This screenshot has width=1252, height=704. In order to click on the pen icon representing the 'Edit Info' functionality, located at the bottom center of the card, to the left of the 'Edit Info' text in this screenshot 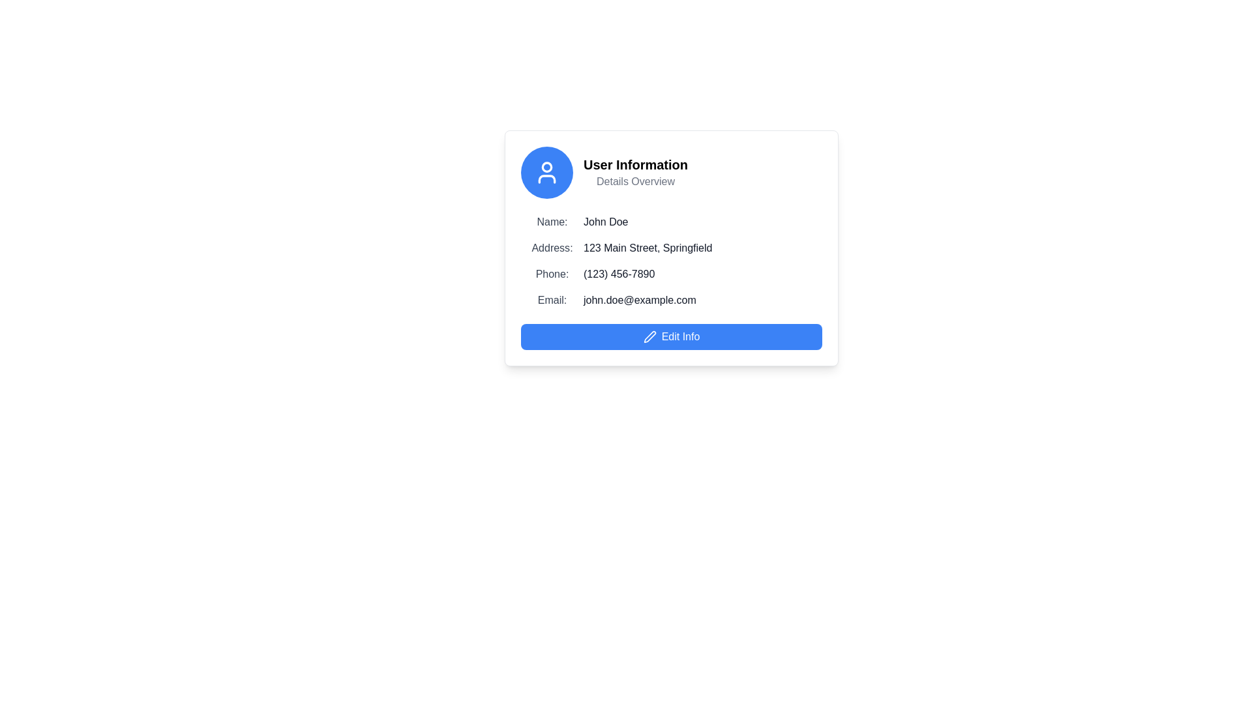, I will do `click(649, 336)`.